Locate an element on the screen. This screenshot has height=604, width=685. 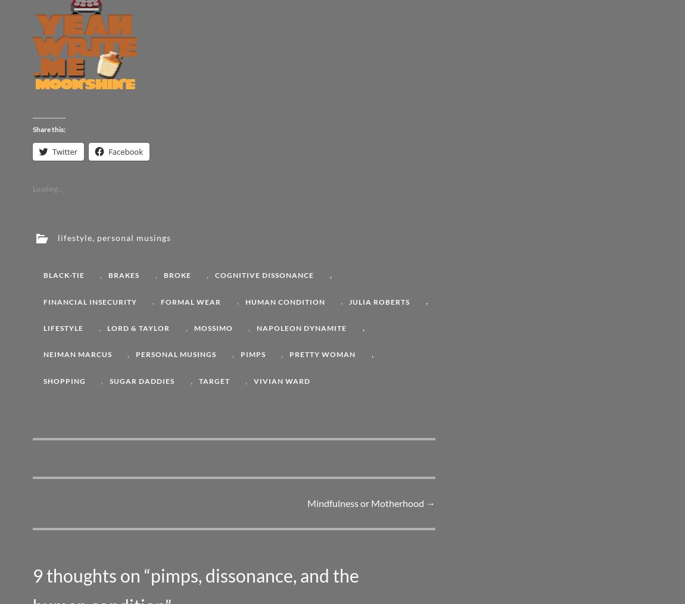
'pimps' is located at coordinates (239, 353).